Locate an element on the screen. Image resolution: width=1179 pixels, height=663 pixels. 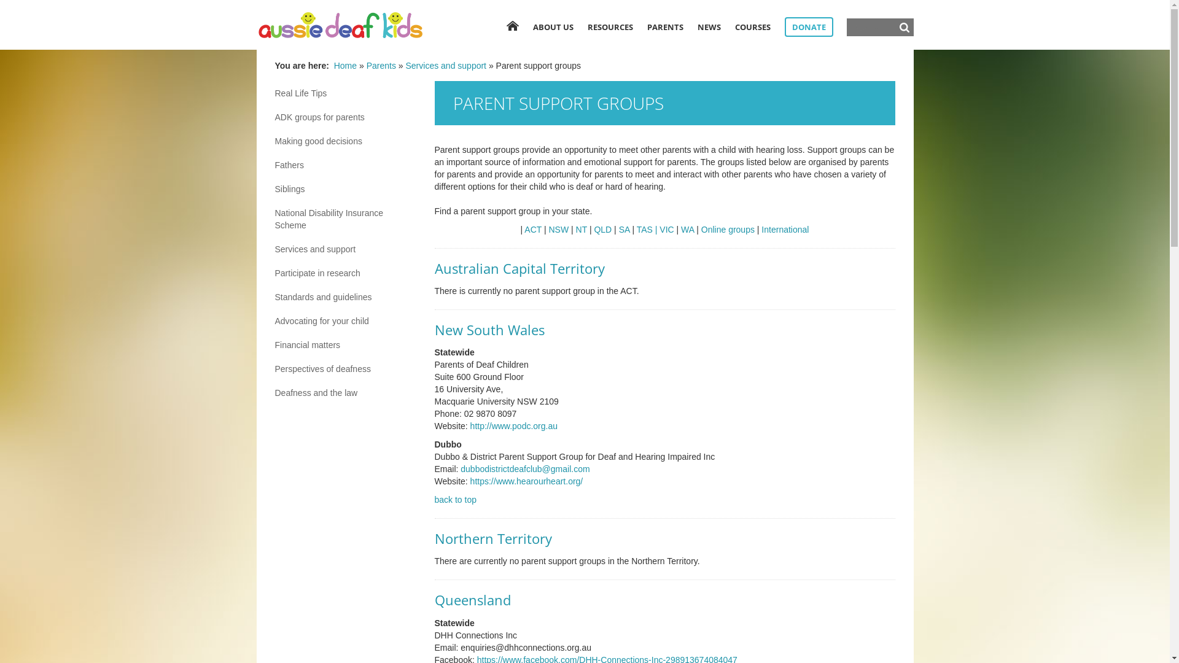
'Real Life Tips' is located at coordinates (344, 92).